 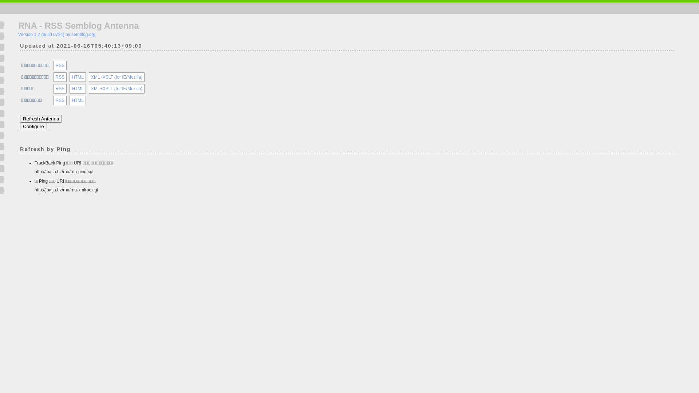 What do you see at coordinates (60, 88) in the screenshot?
I see `'RSS'` at bounding box center [60, 88].